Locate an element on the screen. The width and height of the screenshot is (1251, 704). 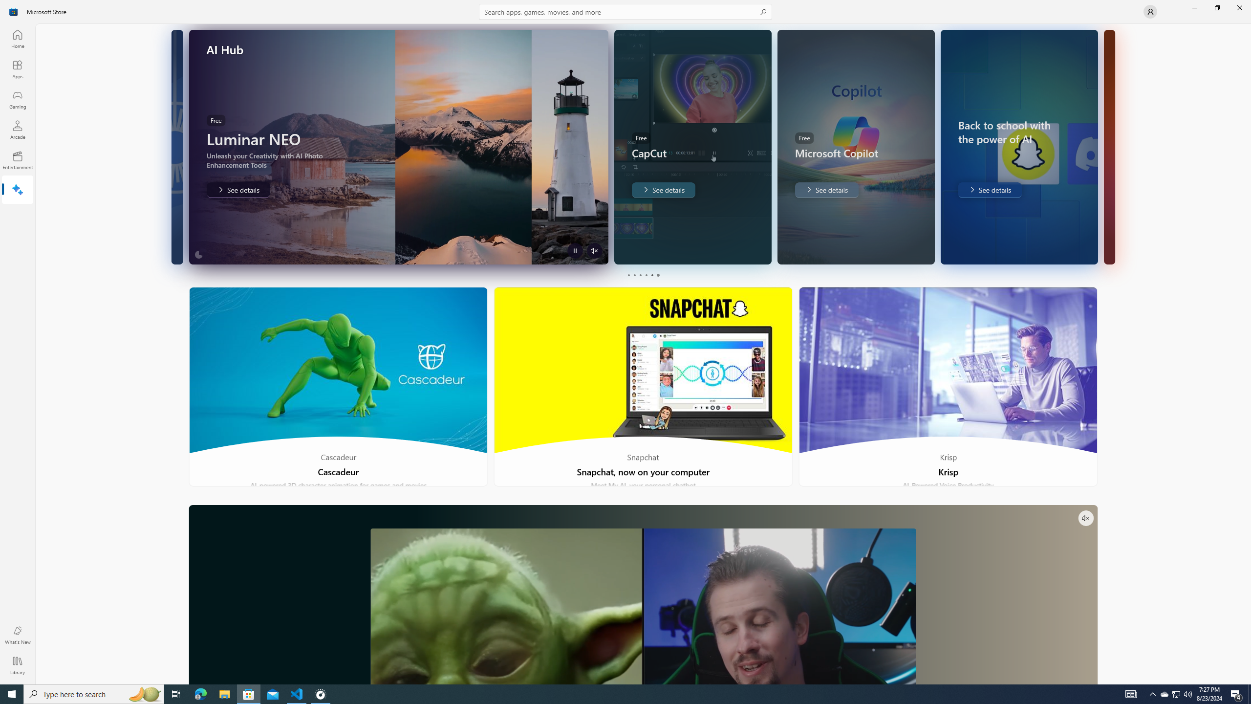
'Cascadeur' is located at coordinates (338, 386).